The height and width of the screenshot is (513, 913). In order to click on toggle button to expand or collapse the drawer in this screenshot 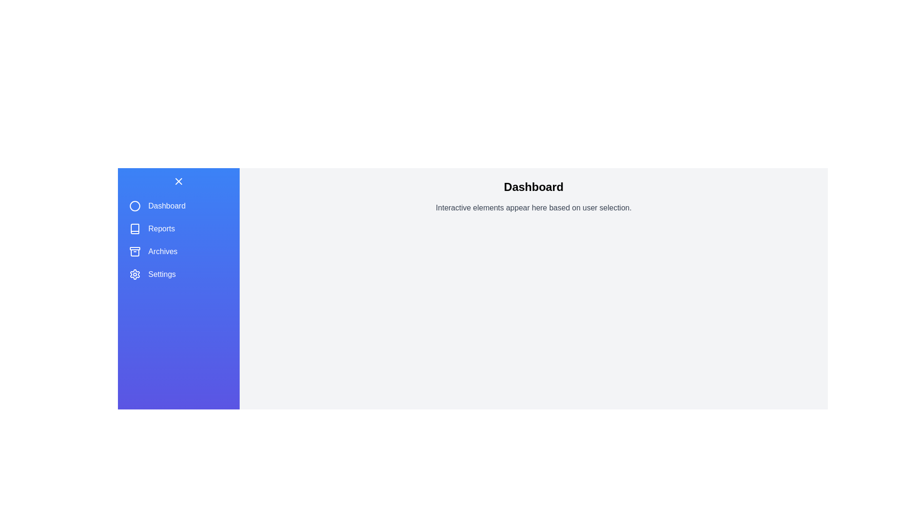, I will do `click(178, 181)`.